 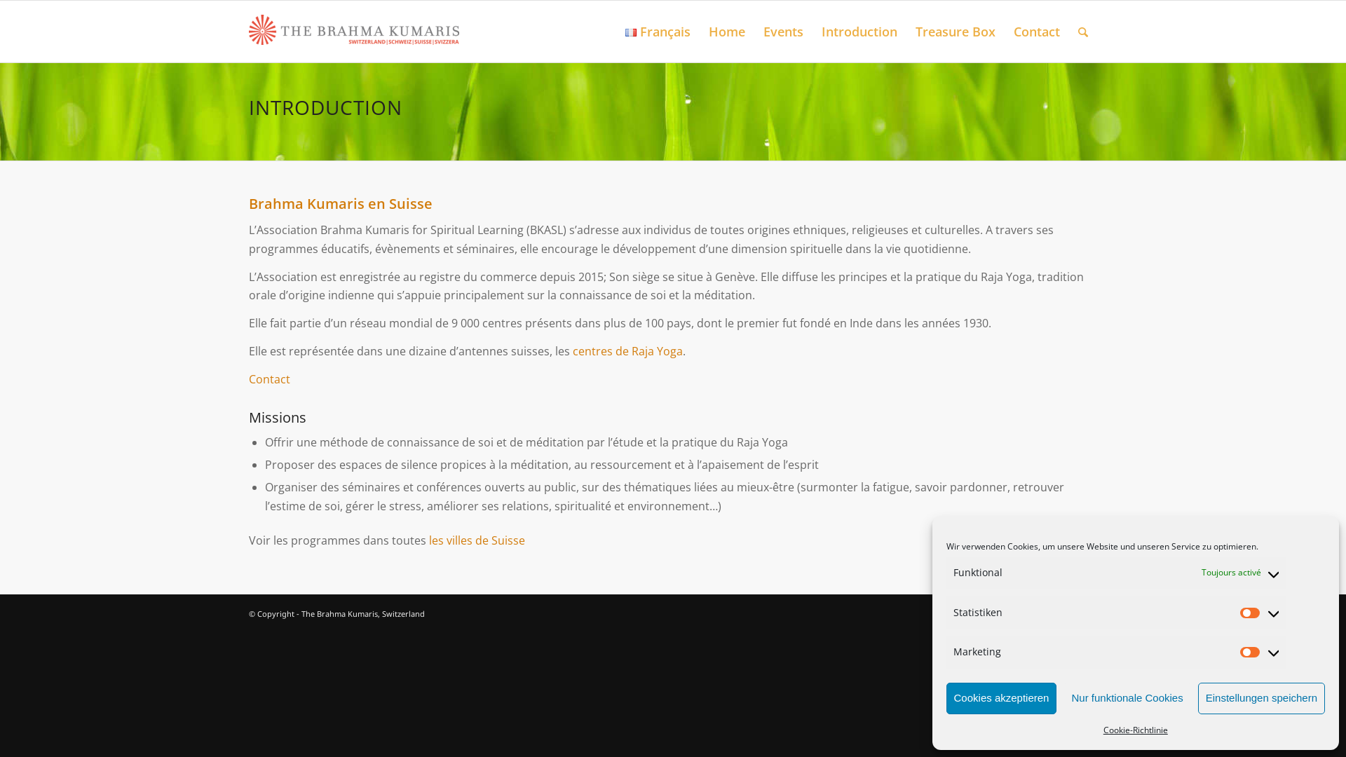 I want to click on 'Cookie-Richtlinie', so click(x=1103, y=729).